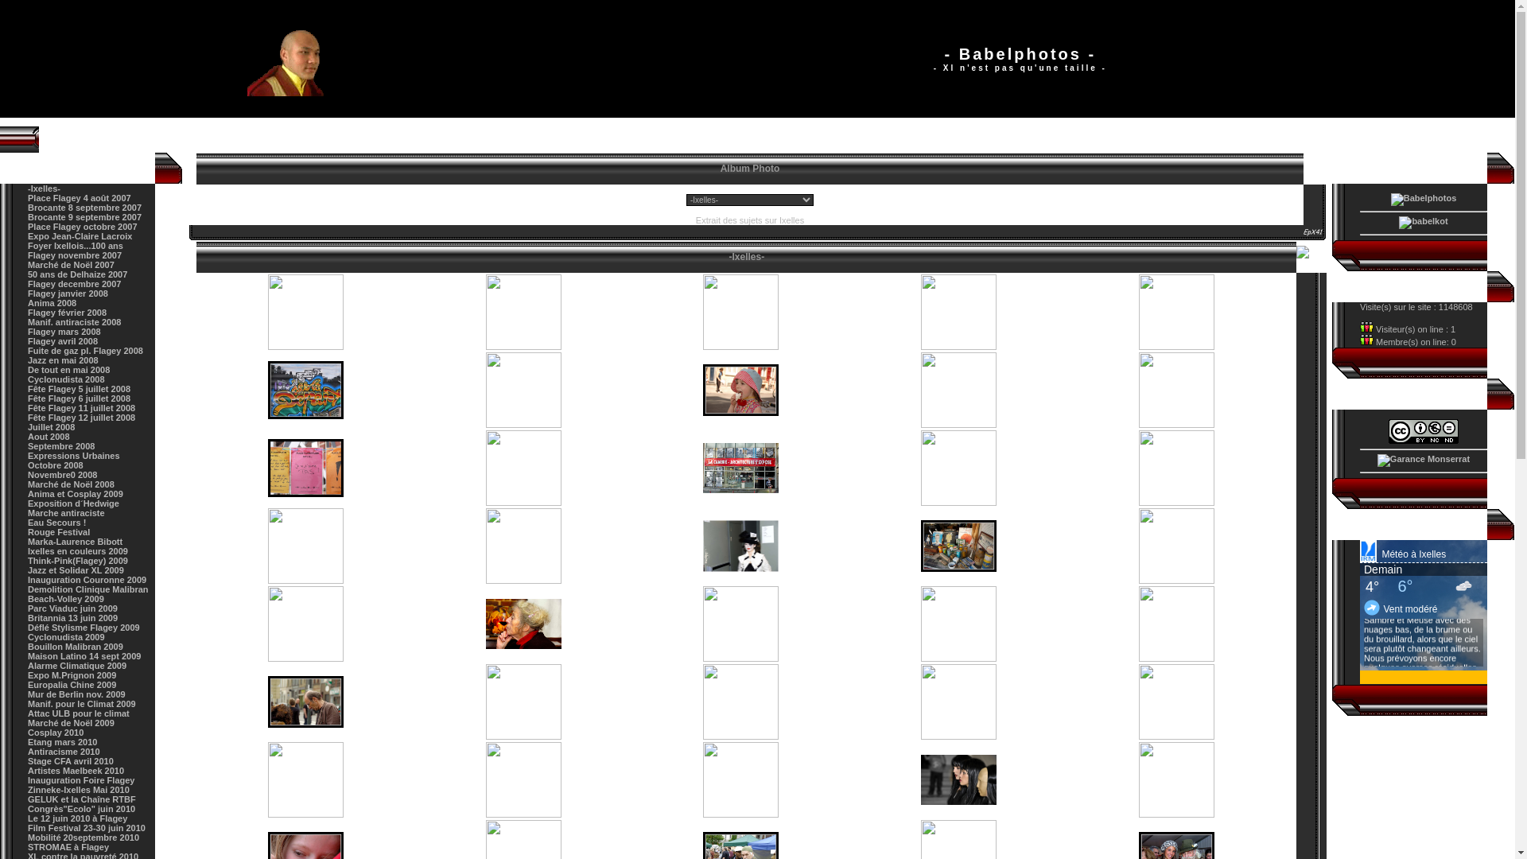 The width and height of the screenshot is (1527, 859). Describe the element at coordinates (27, 436) in the screenshot. I see `'Aout 2008'` at that location.